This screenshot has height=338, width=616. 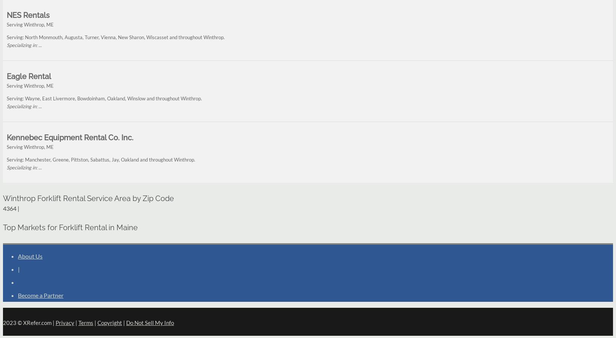 I want to click on '4364 |', so click(x=11, y=208).